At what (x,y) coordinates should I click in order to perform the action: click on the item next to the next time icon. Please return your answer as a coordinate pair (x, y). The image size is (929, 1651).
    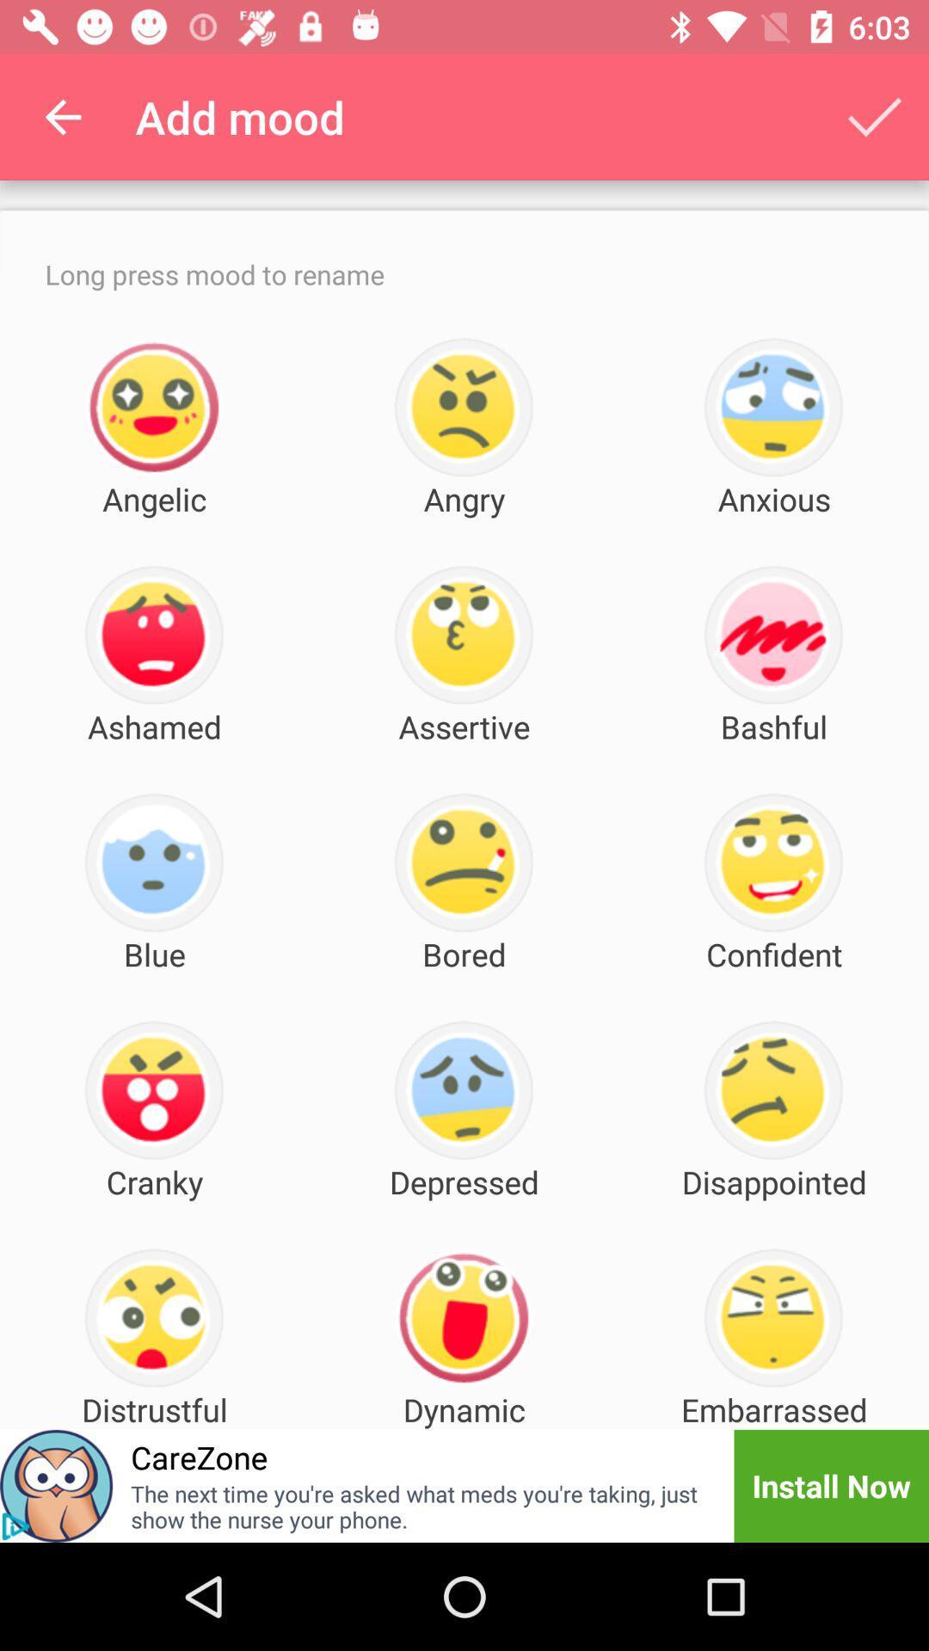
    Looking at the image, I should click on (15, 1526).